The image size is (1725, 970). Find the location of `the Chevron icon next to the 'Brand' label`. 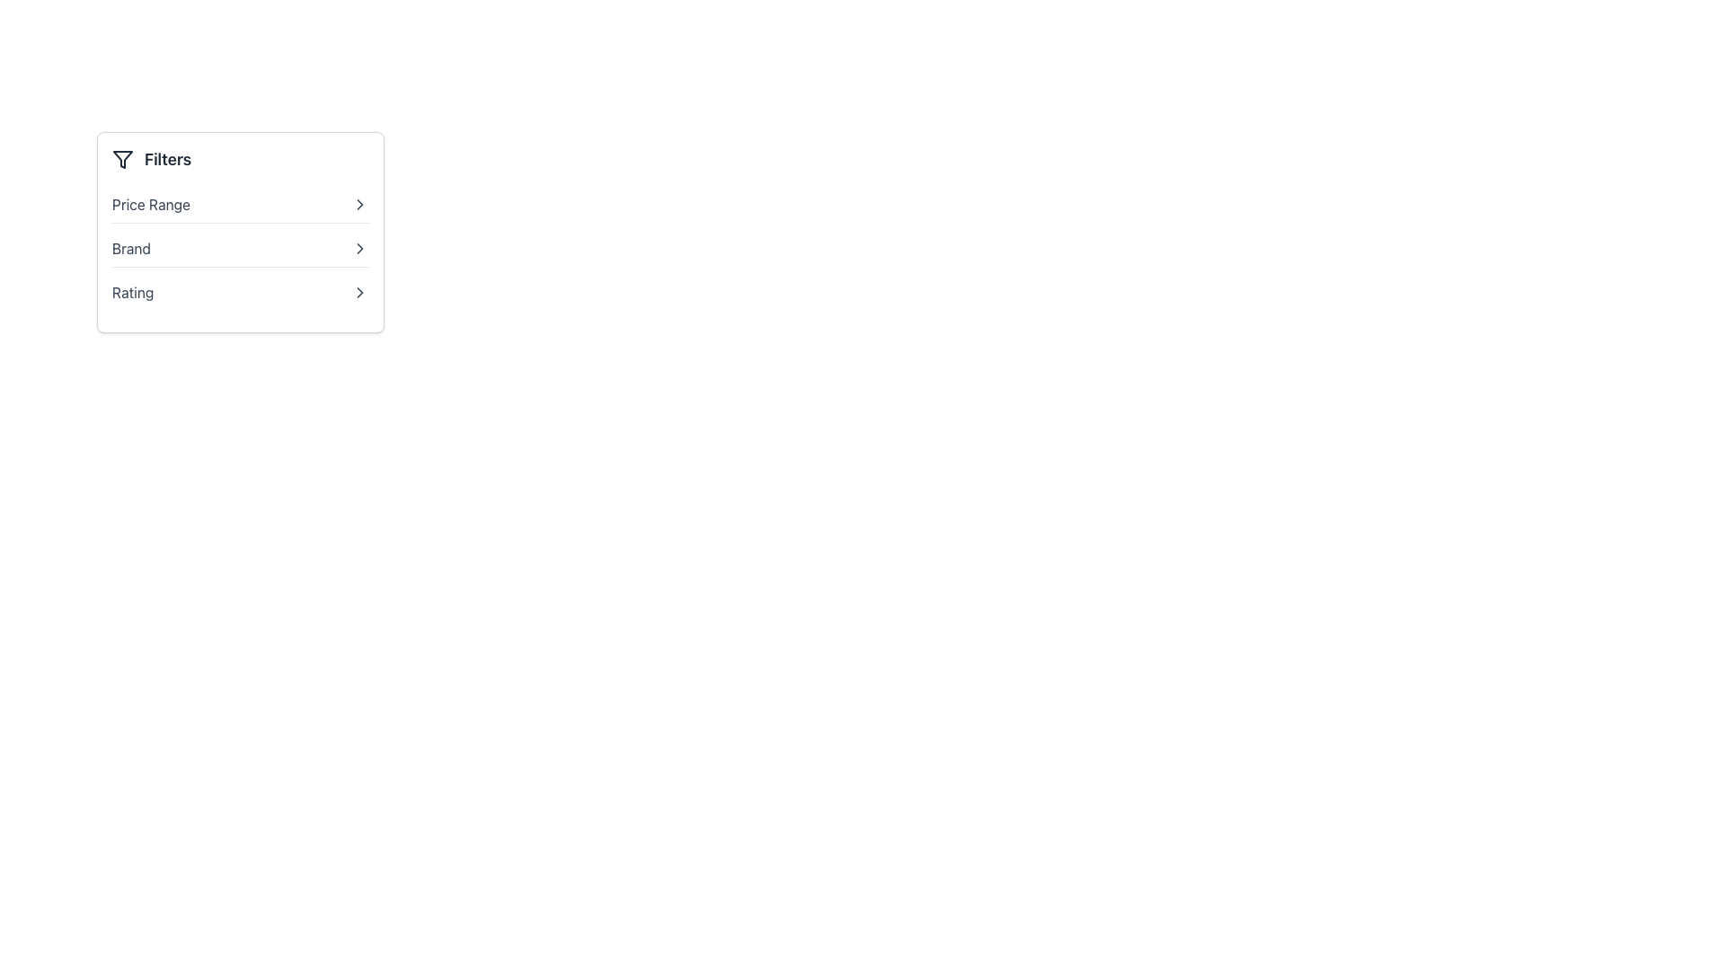

the Chevron icon next to the 'Brand' label is located at coordinates (359, 249).